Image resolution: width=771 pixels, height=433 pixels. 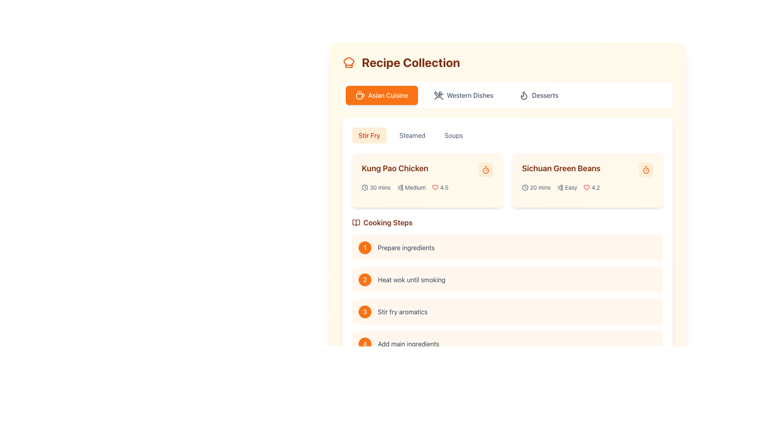 I want to click on the informative text element that displays the preparation or cooking time for the Sichuan Green Beans recipe, located in the right card under the 'Sichuan Green Beans' section in the 'Stir Fry' tab, so click(x=536, y=187).